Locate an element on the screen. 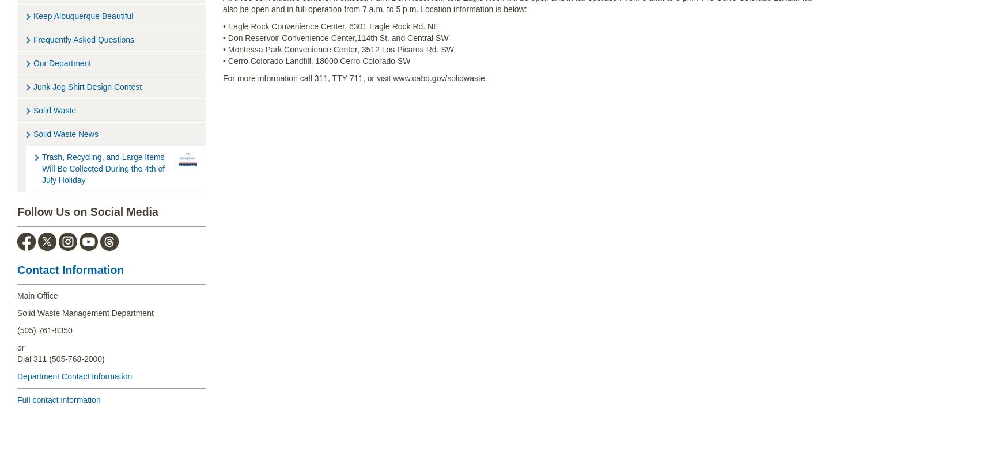  'Keep Albuquerque Beautiful' is located at coordinates (82, 14).